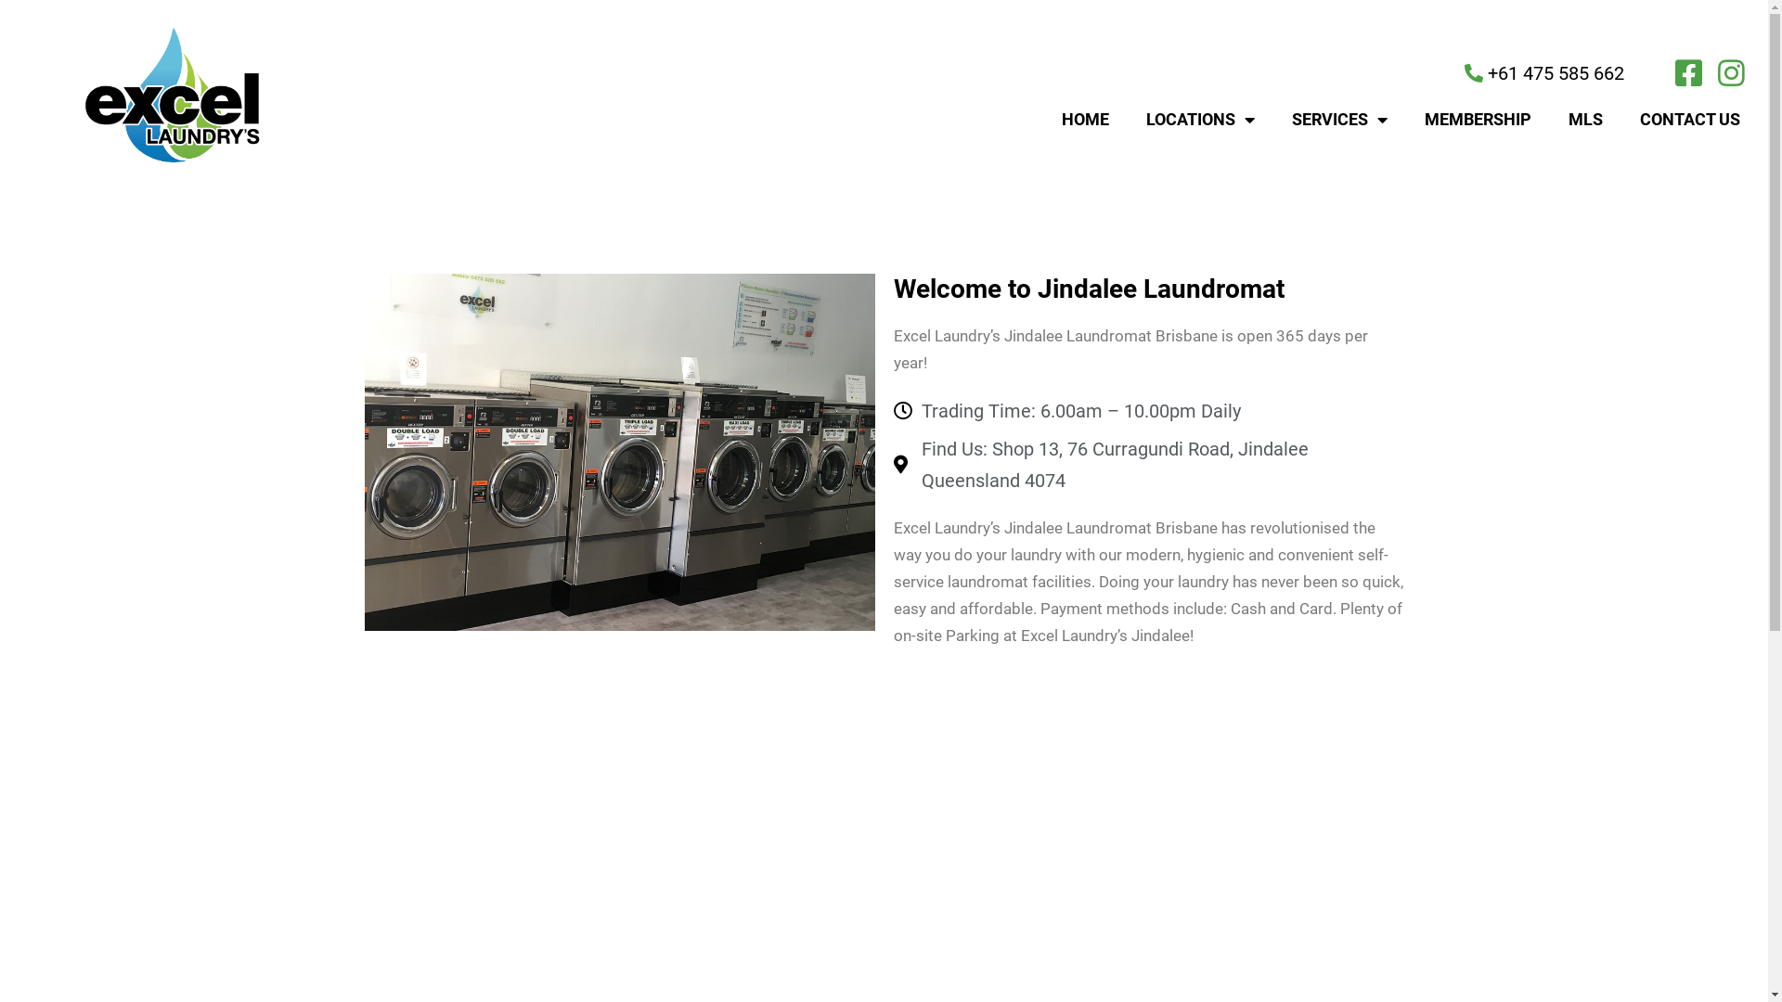 The width and height of the screenshot is (1782, 1002). I want to click on 'CONTACT US', so click(1689, 119).